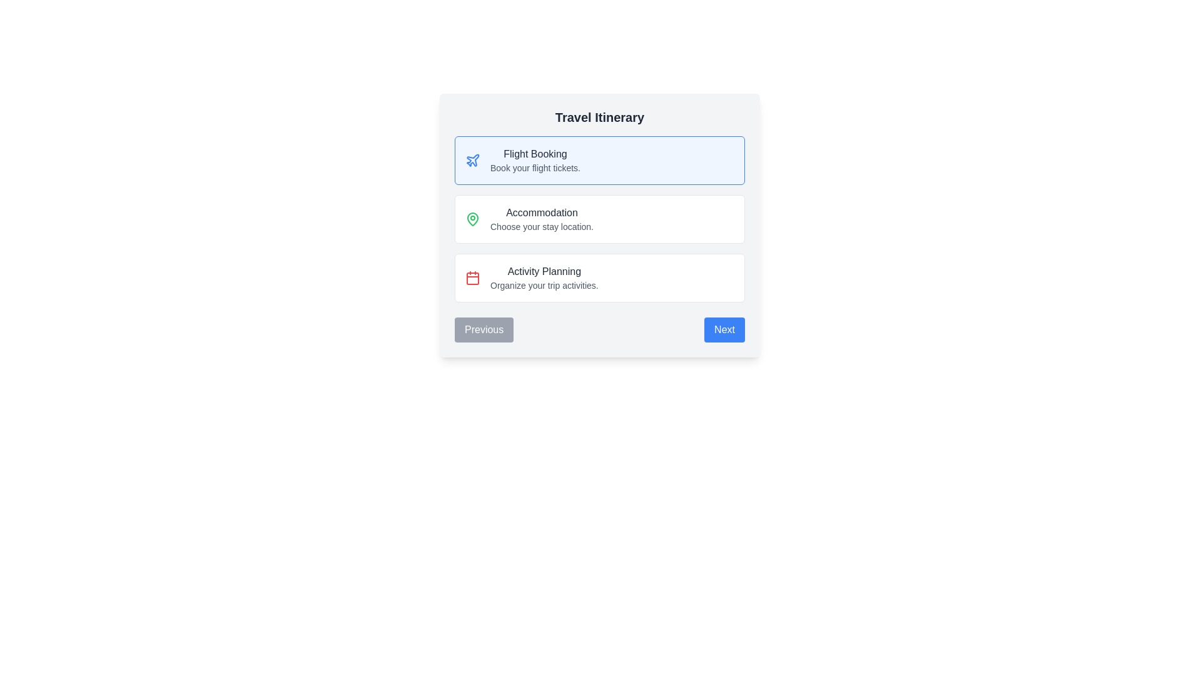  What do you see at coordinates (544, 277) in the screenshot?
I see `the descriptive text element for the 'Activity Planning' section located in the third card under the 'Travel Itinerary' header` at bounding box center [544, 277].